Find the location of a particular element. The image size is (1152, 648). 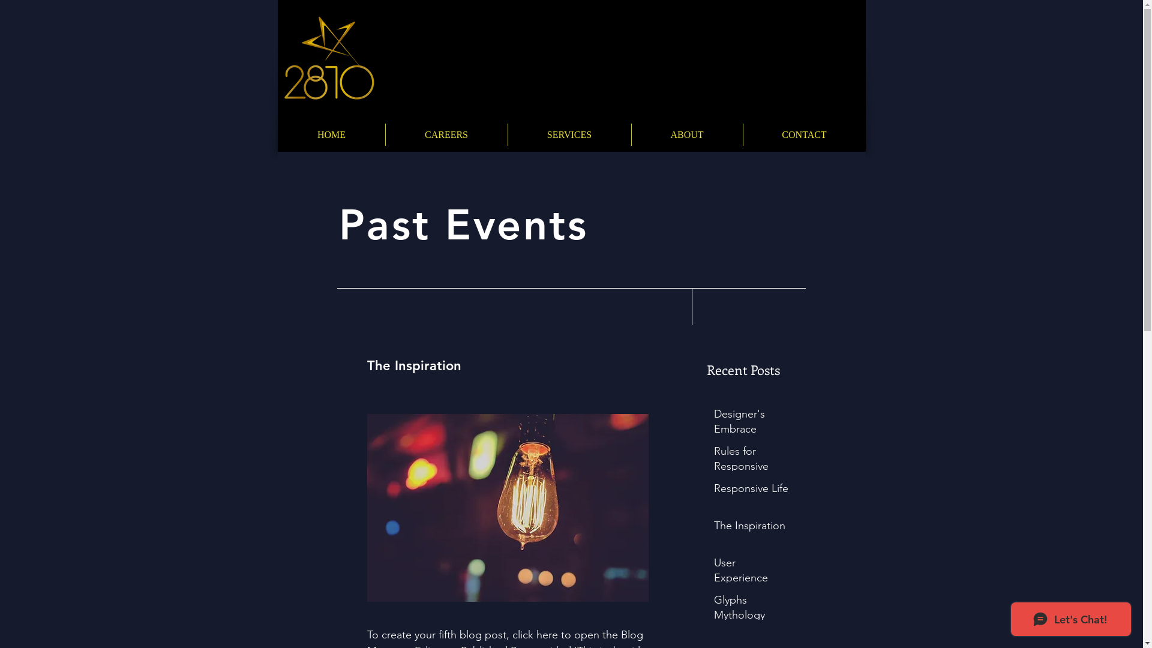

'Glyphs Mythology' is located at coordinates (751, 610).